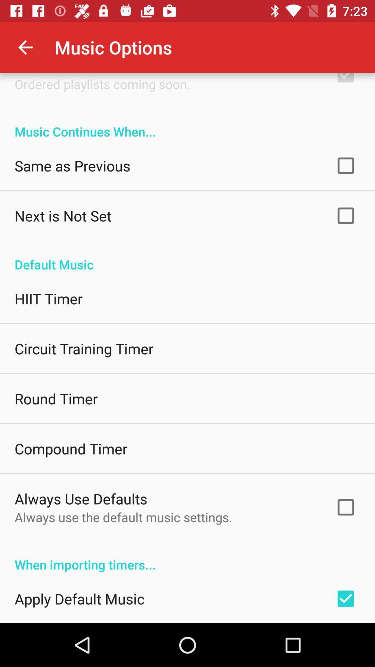  I want to click on compound timer item, so click(71, 448).